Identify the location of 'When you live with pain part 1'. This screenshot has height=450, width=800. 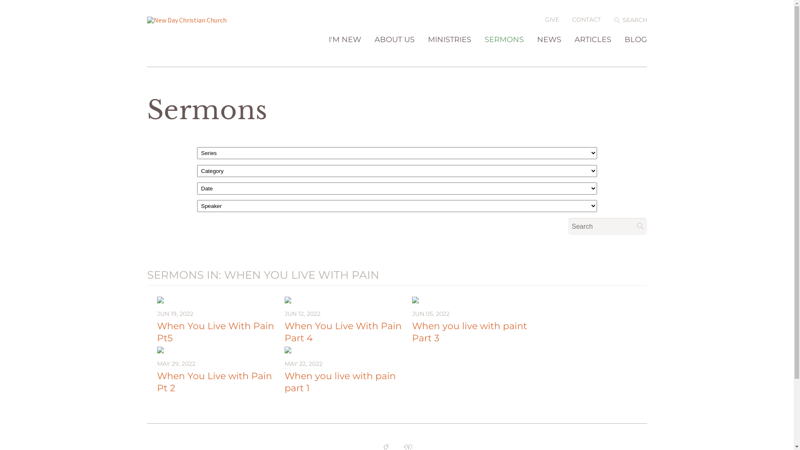
(340, 382).